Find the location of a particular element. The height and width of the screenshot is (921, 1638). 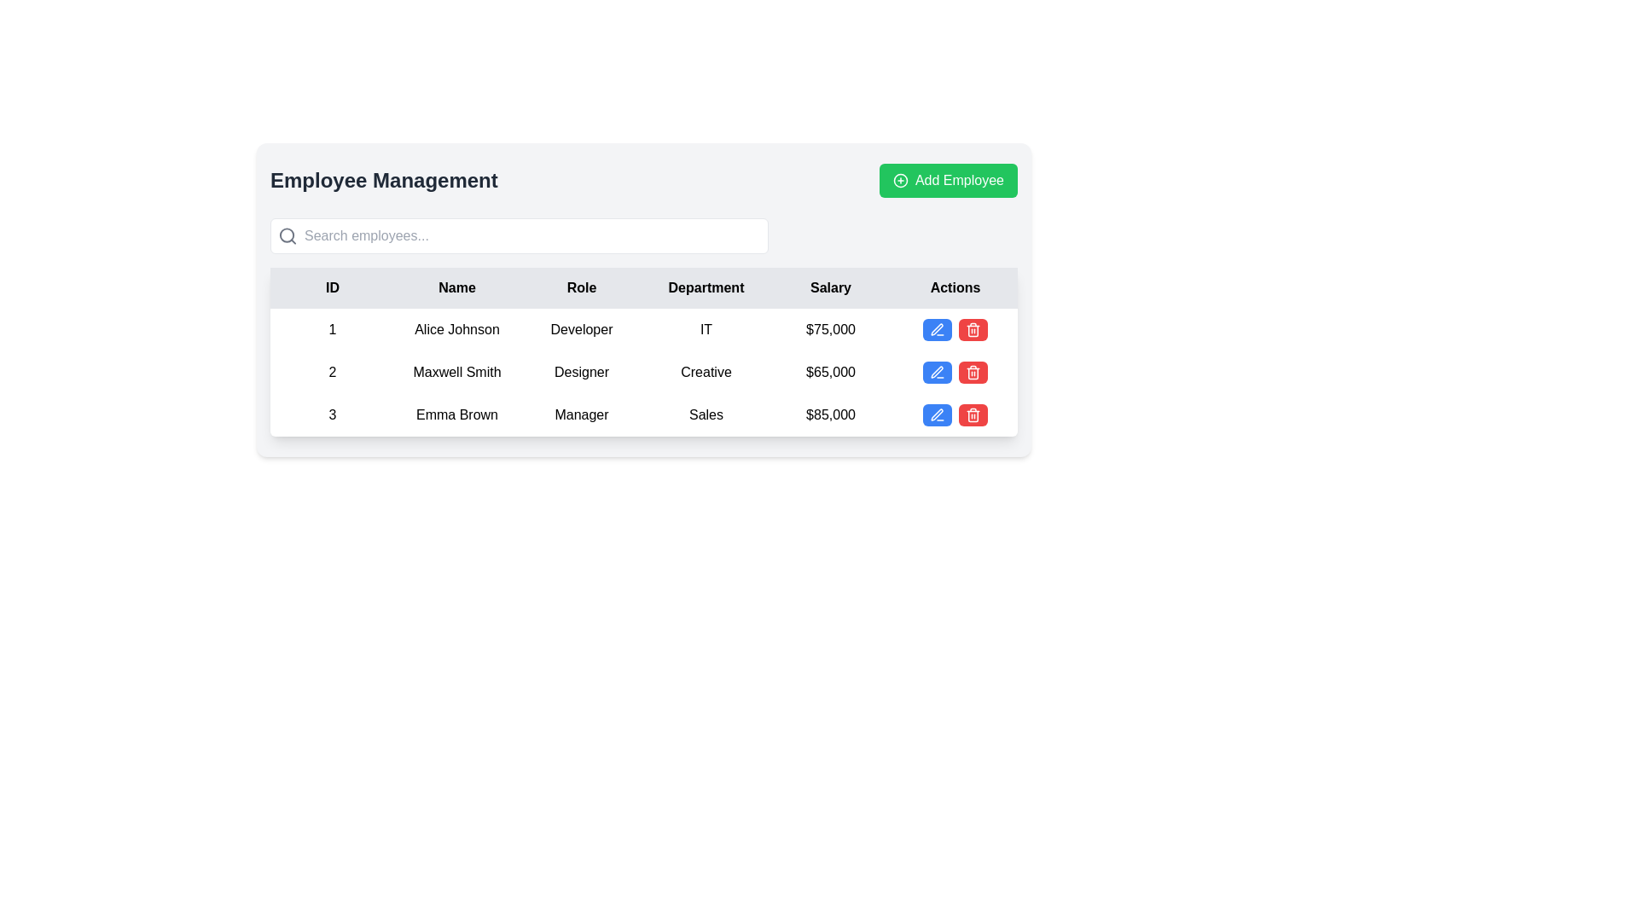

the text label displaying 'Employee Management', which is styled in a large, bold, dark gray font and is positioned at the top-left corner of the central content area is located at coordinates (383, 181).